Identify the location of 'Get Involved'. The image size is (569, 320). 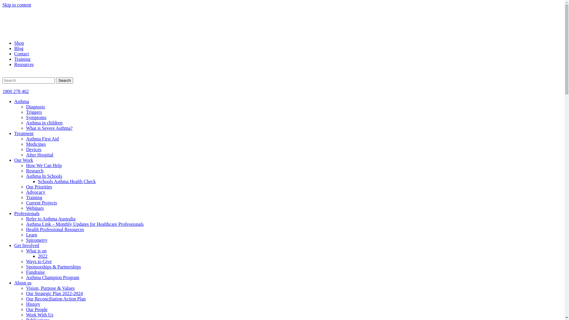
(26, 245).